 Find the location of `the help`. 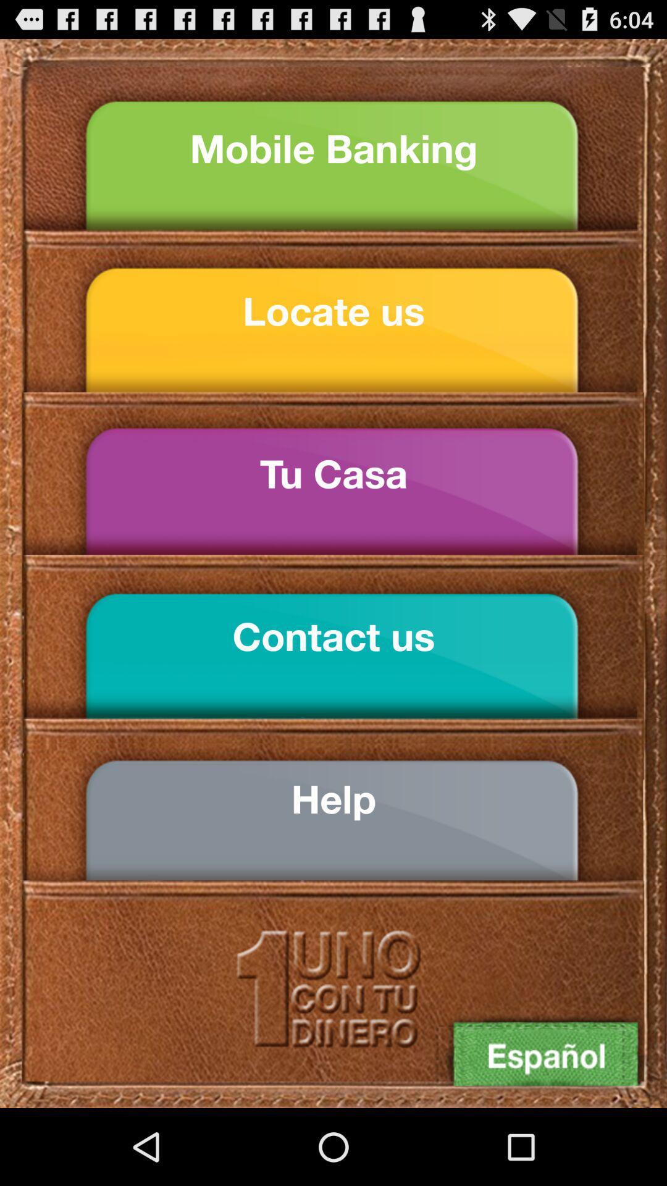

the help is located at coordinates (333, 799).